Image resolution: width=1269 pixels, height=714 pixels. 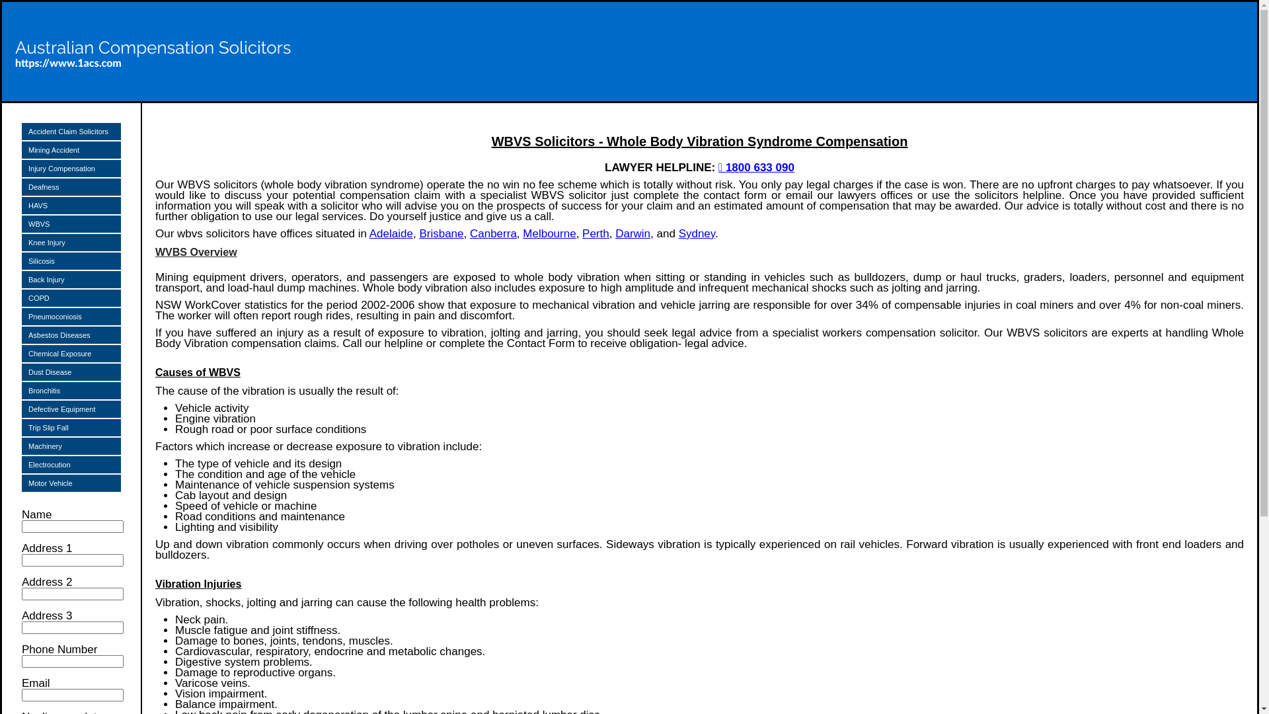 What do you see at coordinates (696, 233) in the screenshot?
I see `'Sydney'` at bounding box center [696, 233].